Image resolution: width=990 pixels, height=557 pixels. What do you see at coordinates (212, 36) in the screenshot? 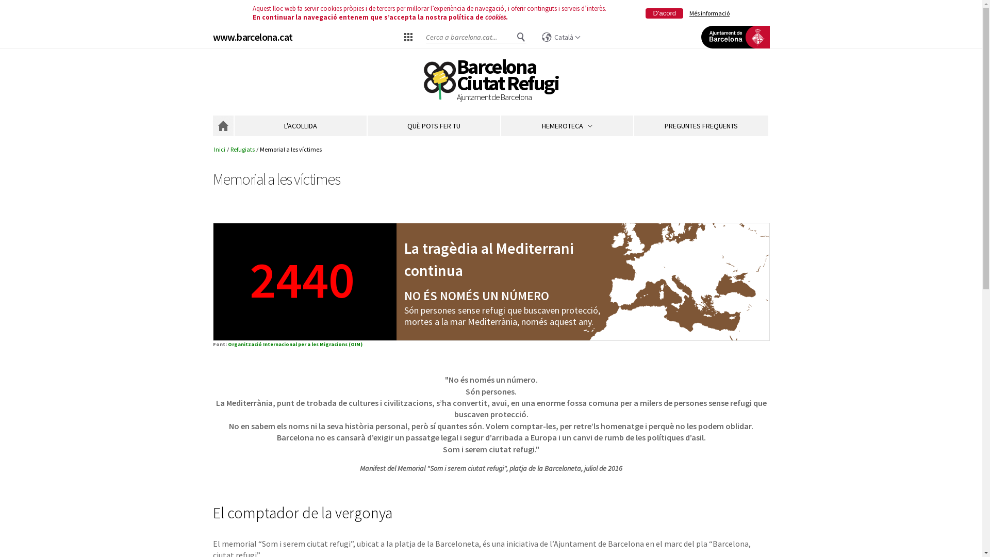
I see `'www.barcelona.cat'` at bounding box center [212, 36].